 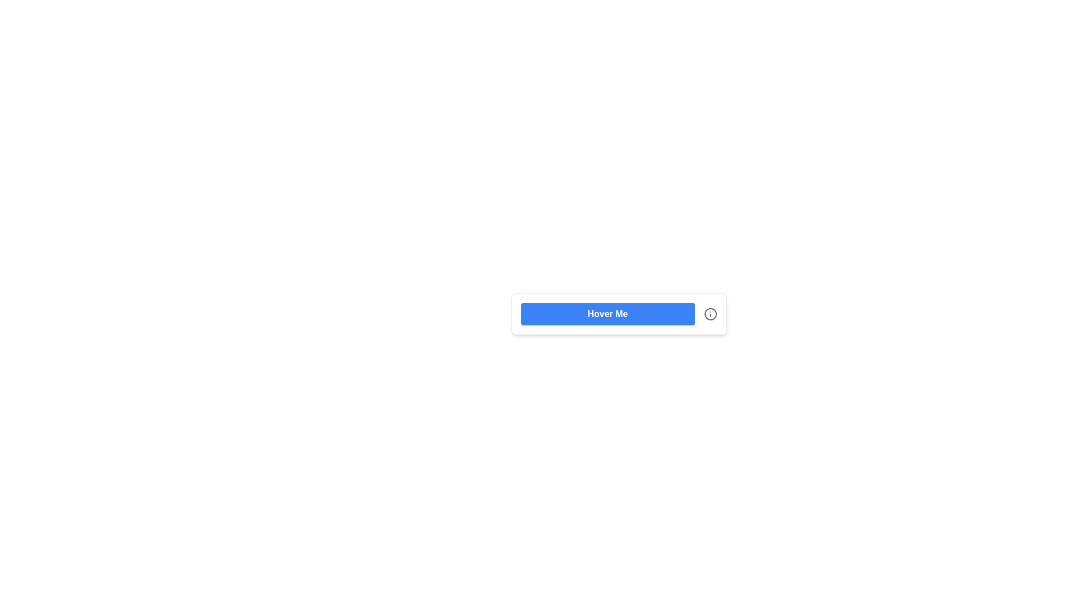 I want to click on the muted gray circular SVG icon located near the top right of the 'Hover Me' button, so click(x=710, y=314).